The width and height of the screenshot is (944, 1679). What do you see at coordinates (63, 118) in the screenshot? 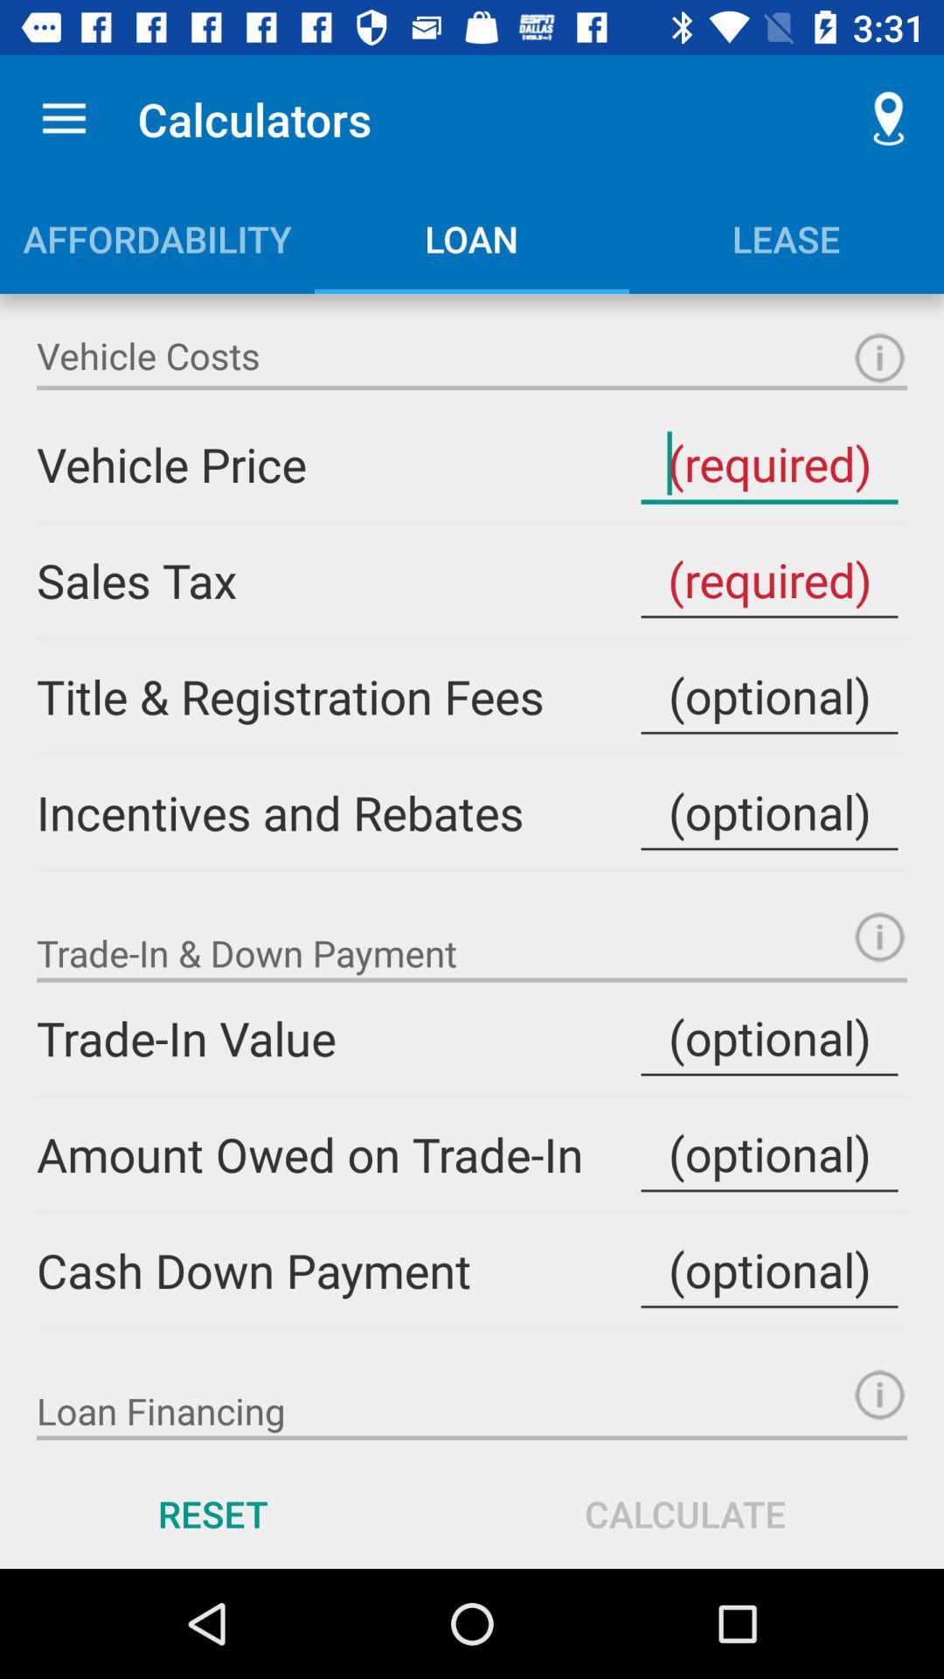
I see `the app next to calculators` at bounding box center [63, 118].